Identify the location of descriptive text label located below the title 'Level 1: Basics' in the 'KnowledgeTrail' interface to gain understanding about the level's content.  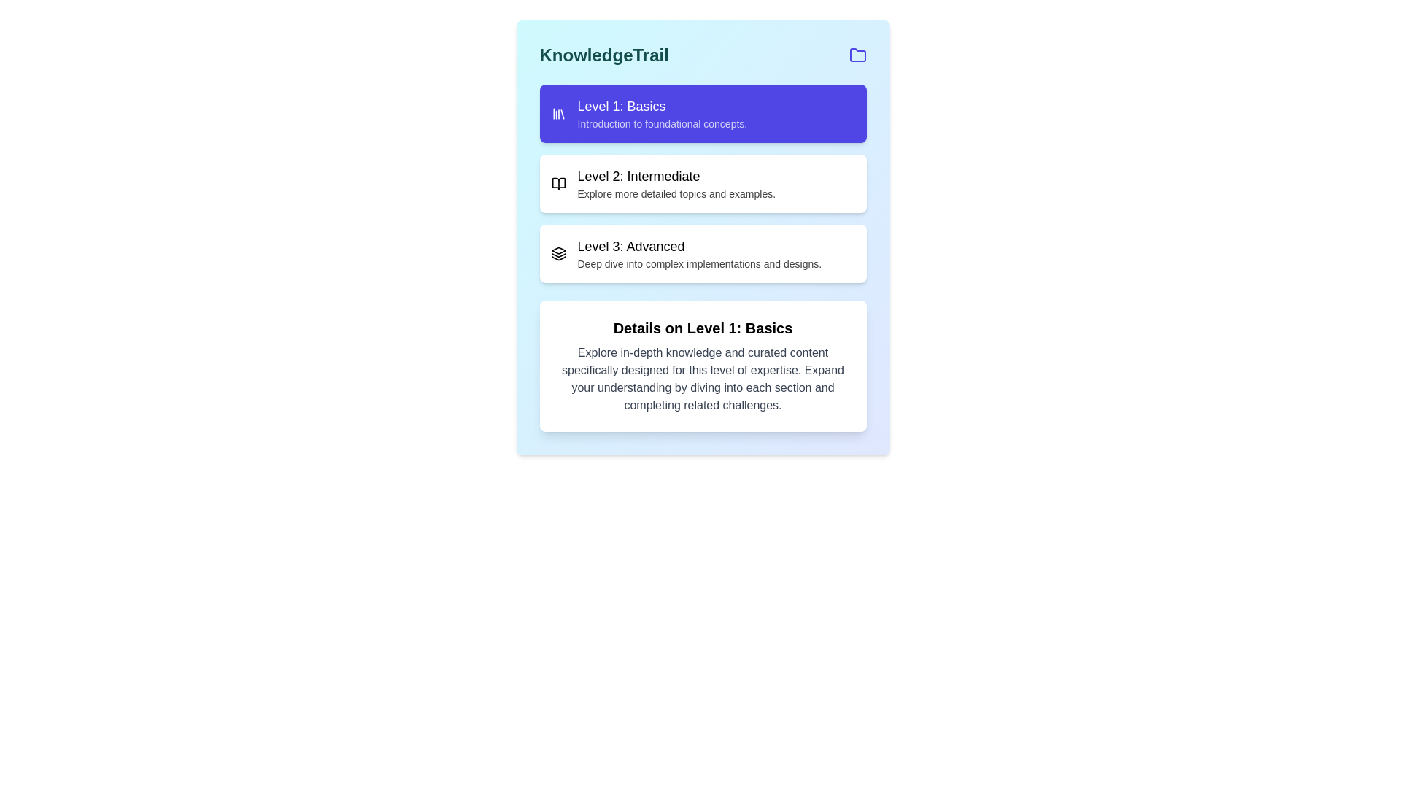
(661, 123).